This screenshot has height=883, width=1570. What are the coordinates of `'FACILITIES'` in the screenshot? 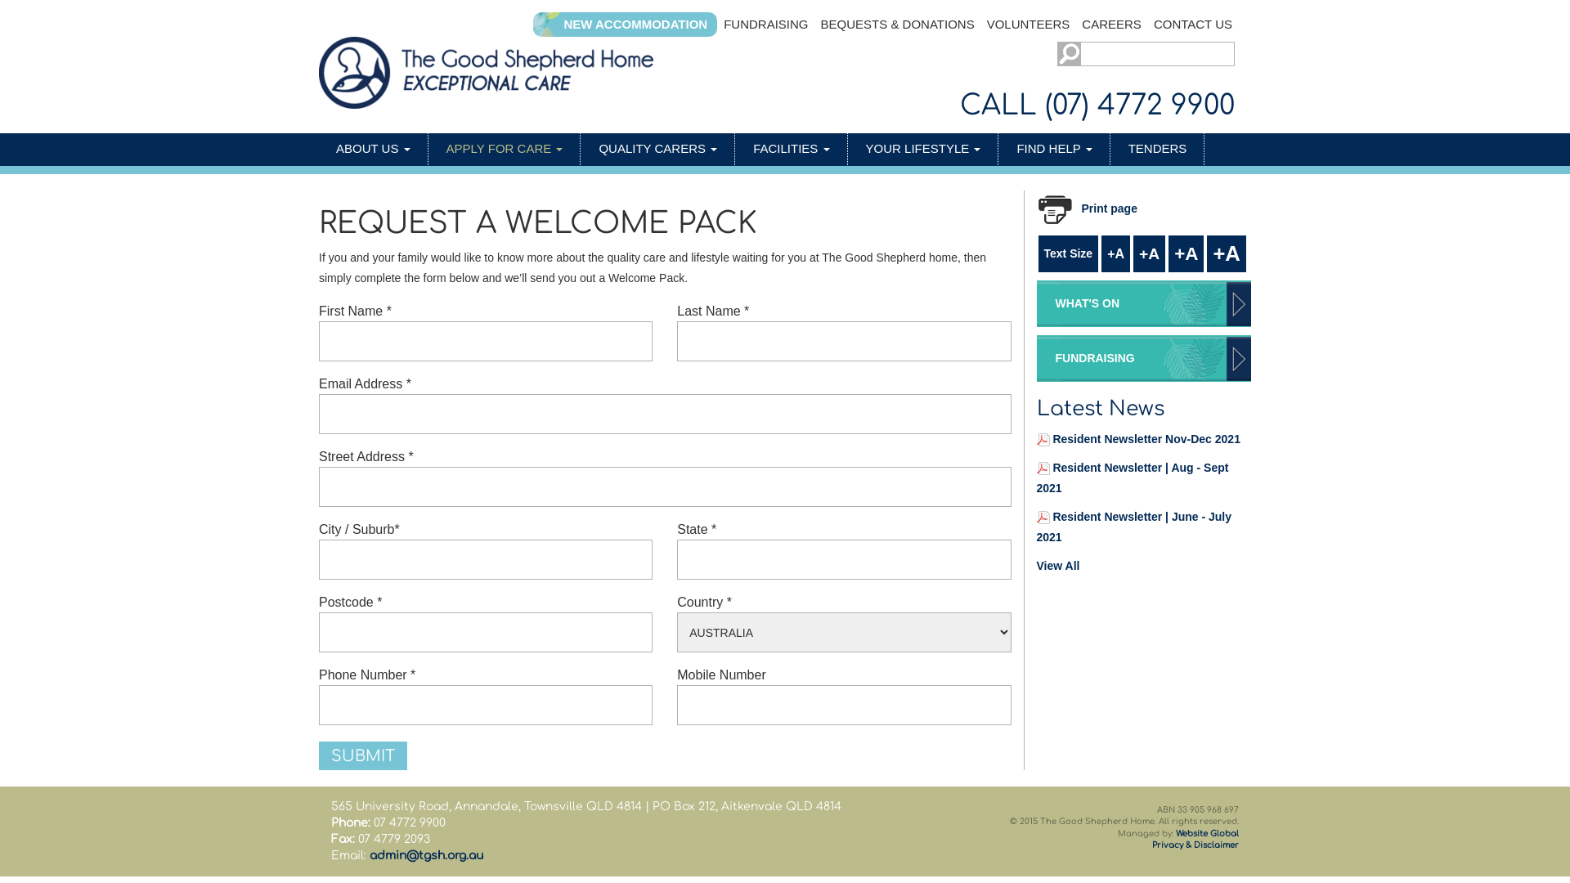 It's located at (792, 149).